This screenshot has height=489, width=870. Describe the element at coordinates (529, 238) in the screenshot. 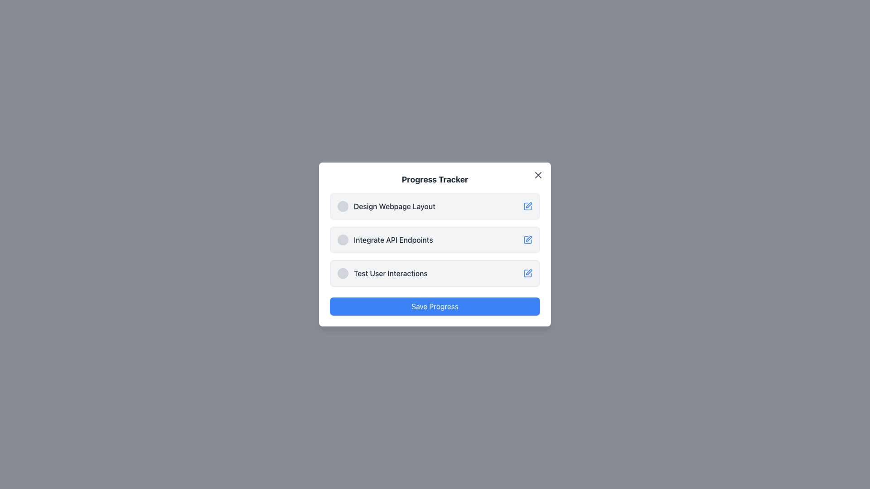

I see `the SVG icon resembling a pen or edit tool that is part of the second list item titled 'Integrate API Endpoints'` at that location.